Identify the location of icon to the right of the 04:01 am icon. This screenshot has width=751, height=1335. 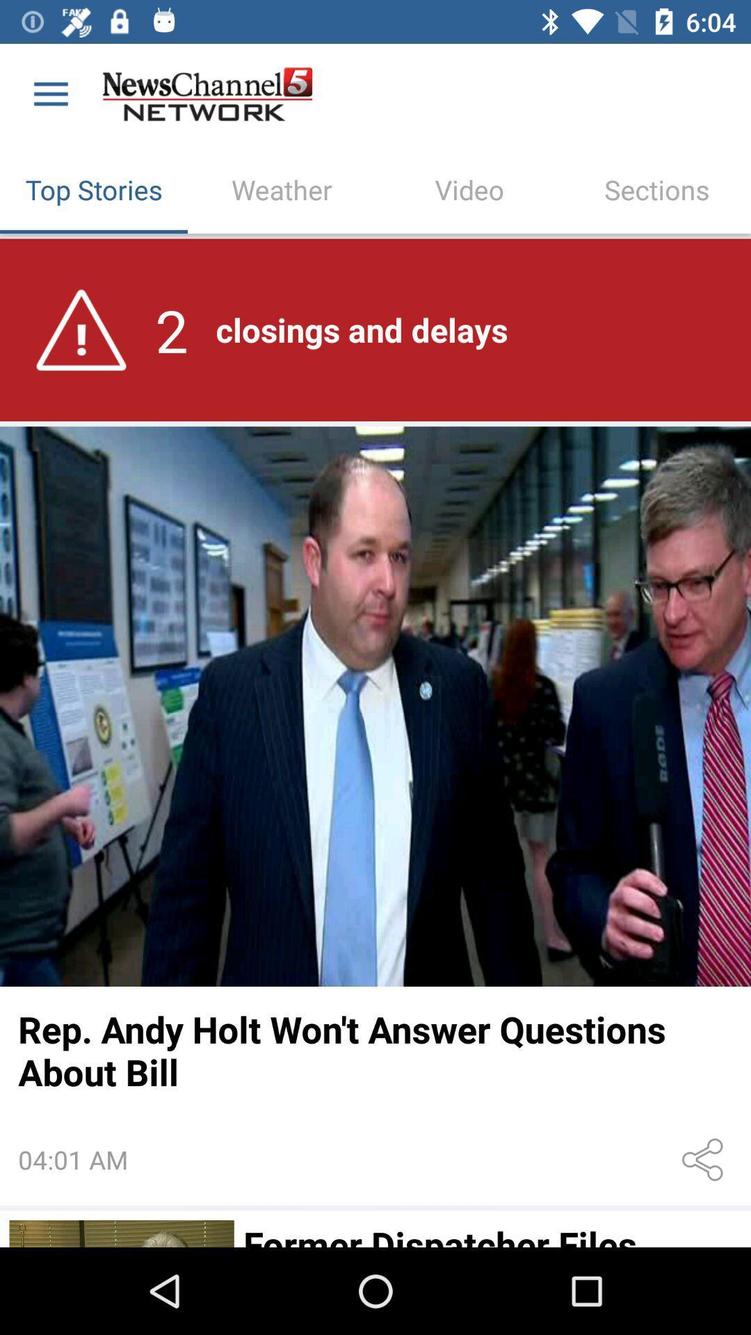
(705, 1160).